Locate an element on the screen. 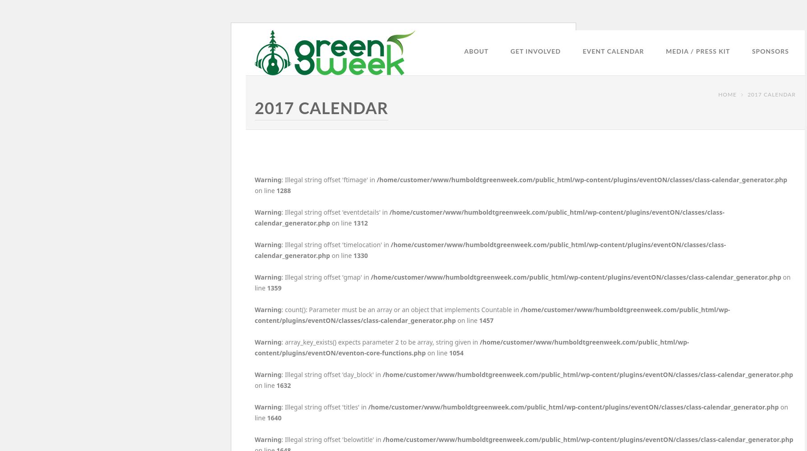 Image resolution: width=807 pixels, height=451 pixels. '1632' is located at coordinates (283, 385).